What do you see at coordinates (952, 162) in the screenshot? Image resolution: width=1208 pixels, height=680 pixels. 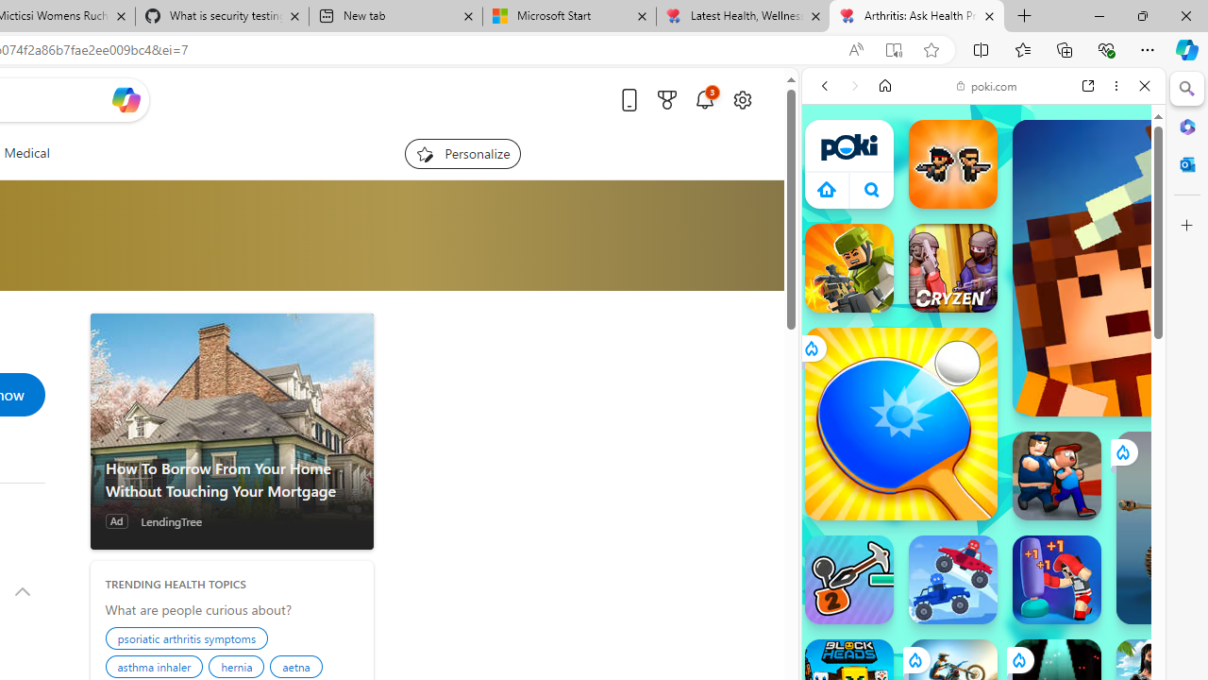 I see `'Zombie Rush'` at bounding box center [952, 162].